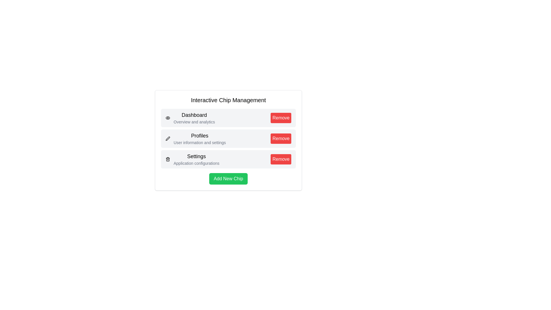  Describe the element at coordinates (228, 179) in the screenshot. I see `'Add New Chip' button to add a new chip` at that location.